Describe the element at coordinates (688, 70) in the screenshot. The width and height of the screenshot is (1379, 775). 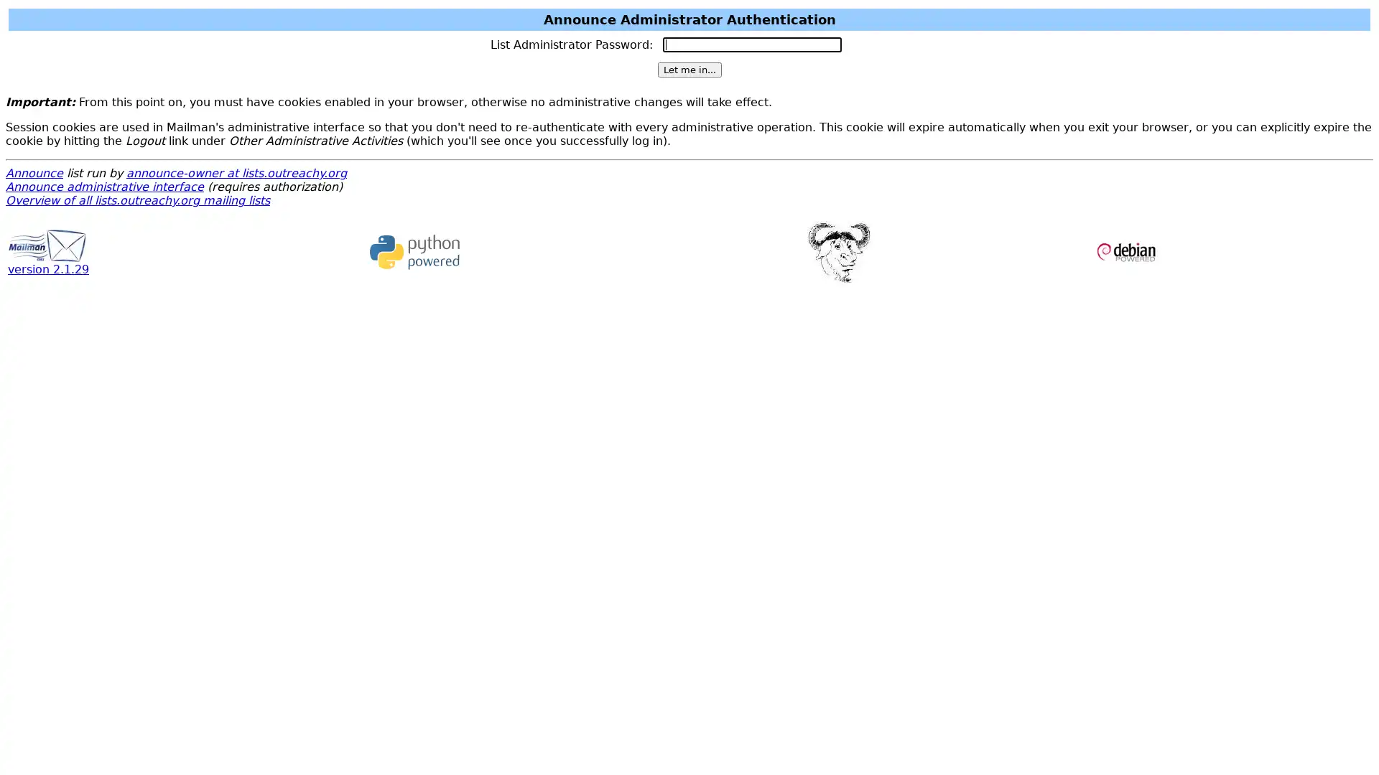
I see `Let me in...` at that location.